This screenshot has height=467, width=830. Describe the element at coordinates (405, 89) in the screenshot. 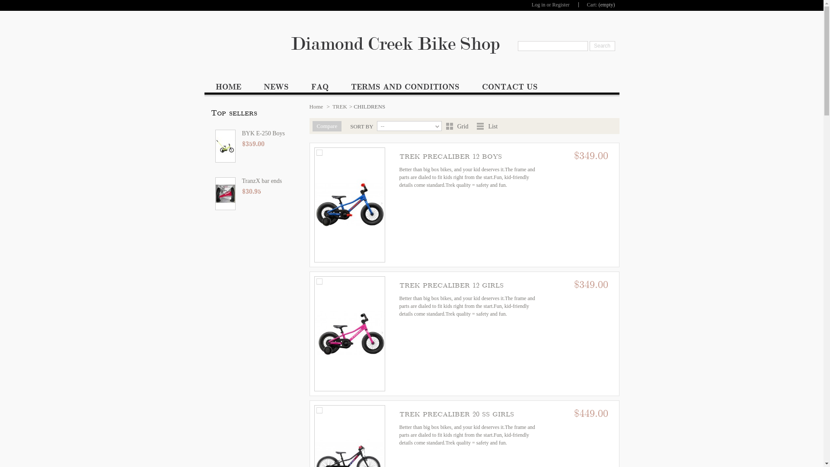

I see `'TERMS AND CONDITIONS'` at that location.